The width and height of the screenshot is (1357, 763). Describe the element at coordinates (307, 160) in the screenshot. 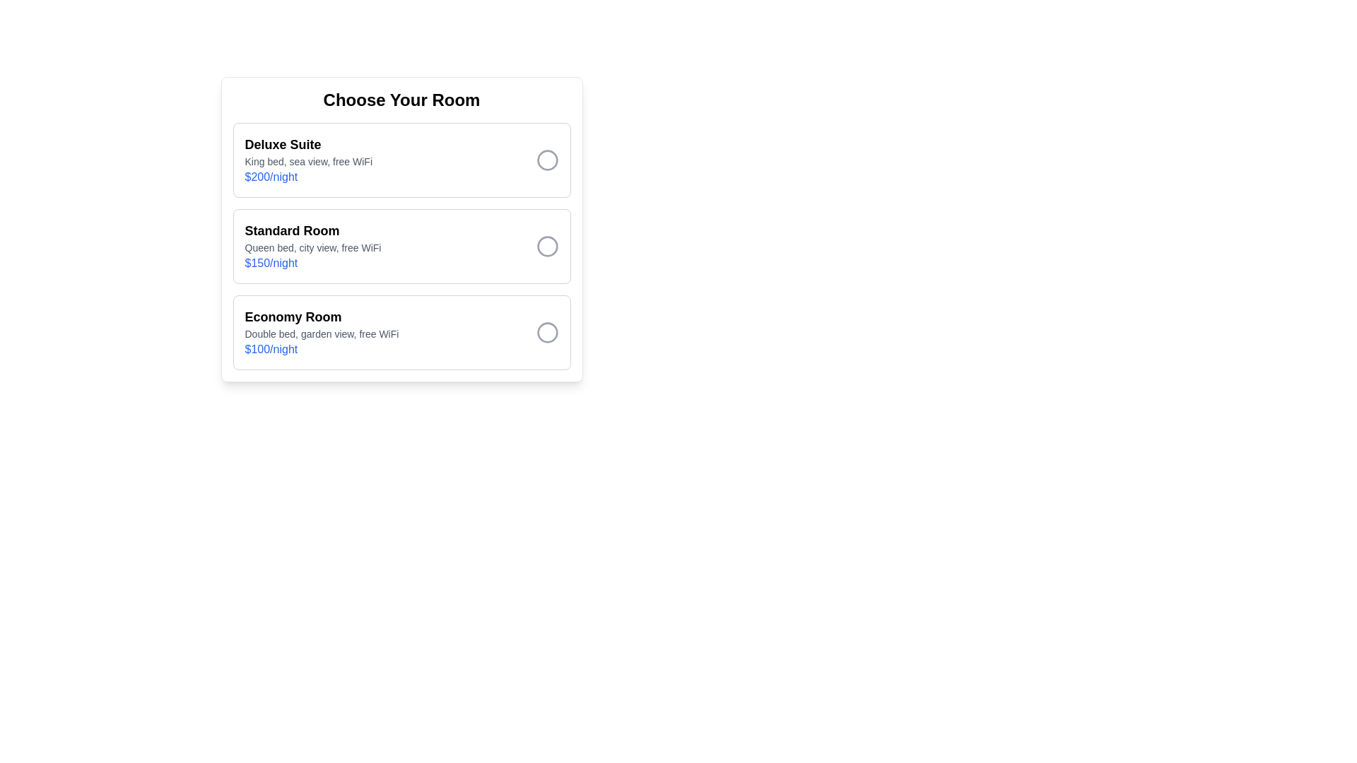

I see `the informational text block that describes a room option, which features a bold title, a smaller description, and a blue price, located in the first room option block at the top section of the grouping` at that location.